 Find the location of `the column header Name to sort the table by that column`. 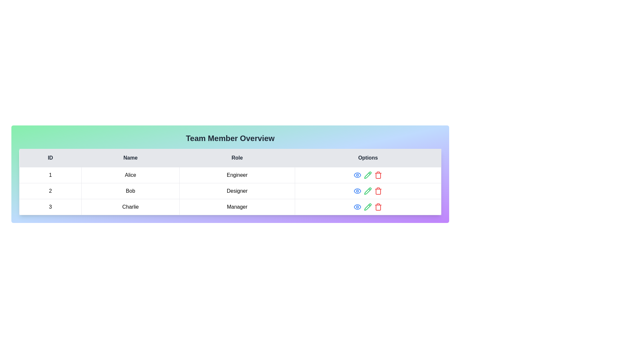

the column header Name to sort the table by that column is located at coordinates (130, 158).